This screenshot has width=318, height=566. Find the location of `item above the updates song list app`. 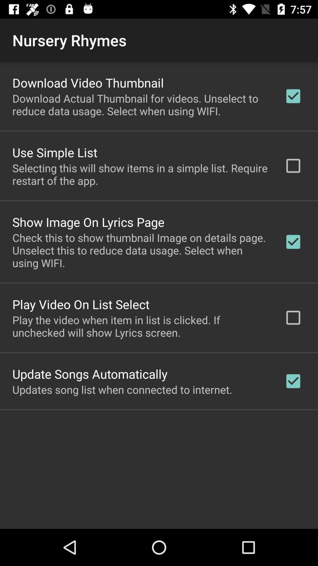

item above the updates song list app is located at coordinates (90, 374).